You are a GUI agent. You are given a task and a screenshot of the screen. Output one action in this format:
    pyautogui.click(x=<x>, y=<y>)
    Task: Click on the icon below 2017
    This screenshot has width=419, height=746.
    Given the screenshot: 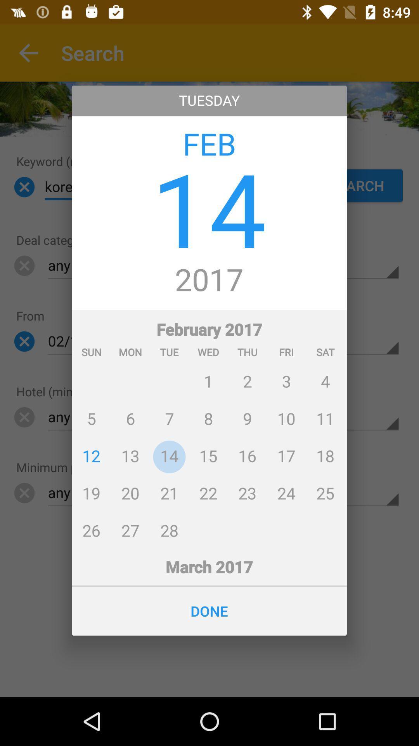 What is the action you would take?
    pyautogui.click(x=209, y=428)
    